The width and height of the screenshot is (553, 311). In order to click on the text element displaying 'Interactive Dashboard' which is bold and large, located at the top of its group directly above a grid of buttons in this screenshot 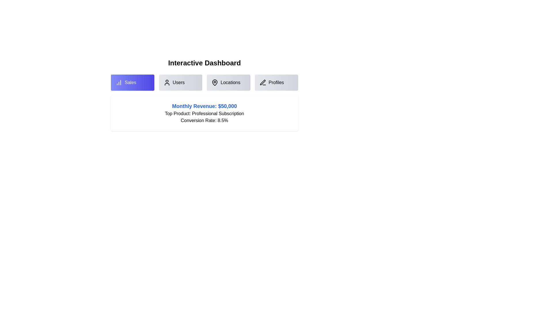, I will do `click(204, 63)`.